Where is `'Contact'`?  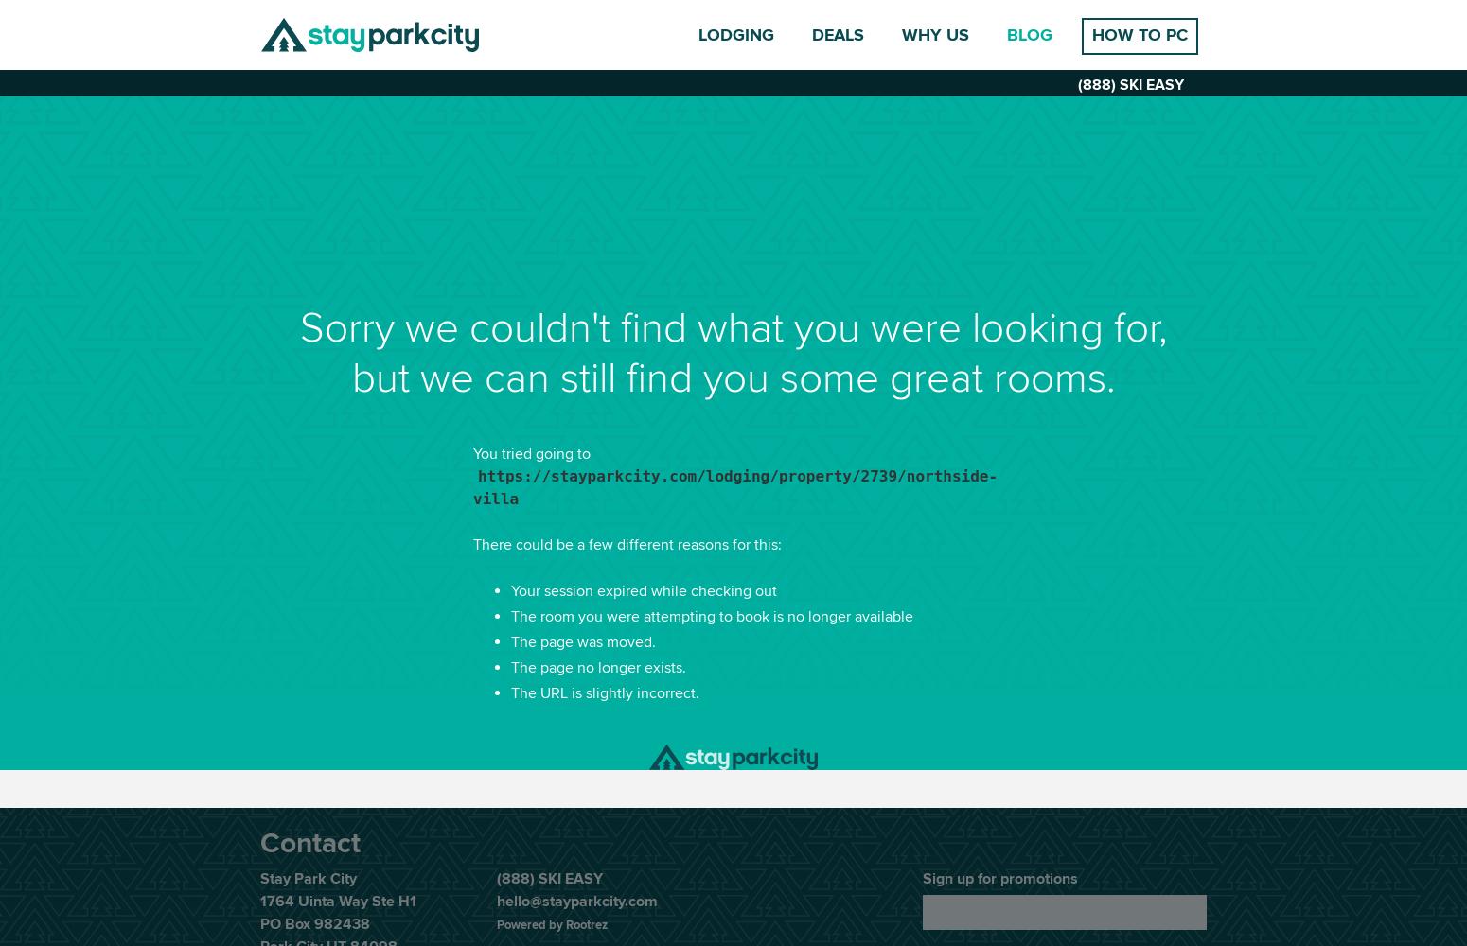 'Contact' is located at coordinates (309, 844).